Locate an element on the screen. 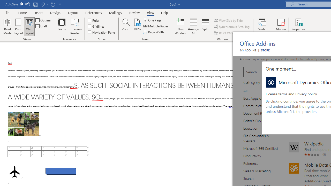 This screenshot has height=186, width=331. 'Rectangle: Diagonal Corners Snipped 2' is located at coordinates (61, 171).